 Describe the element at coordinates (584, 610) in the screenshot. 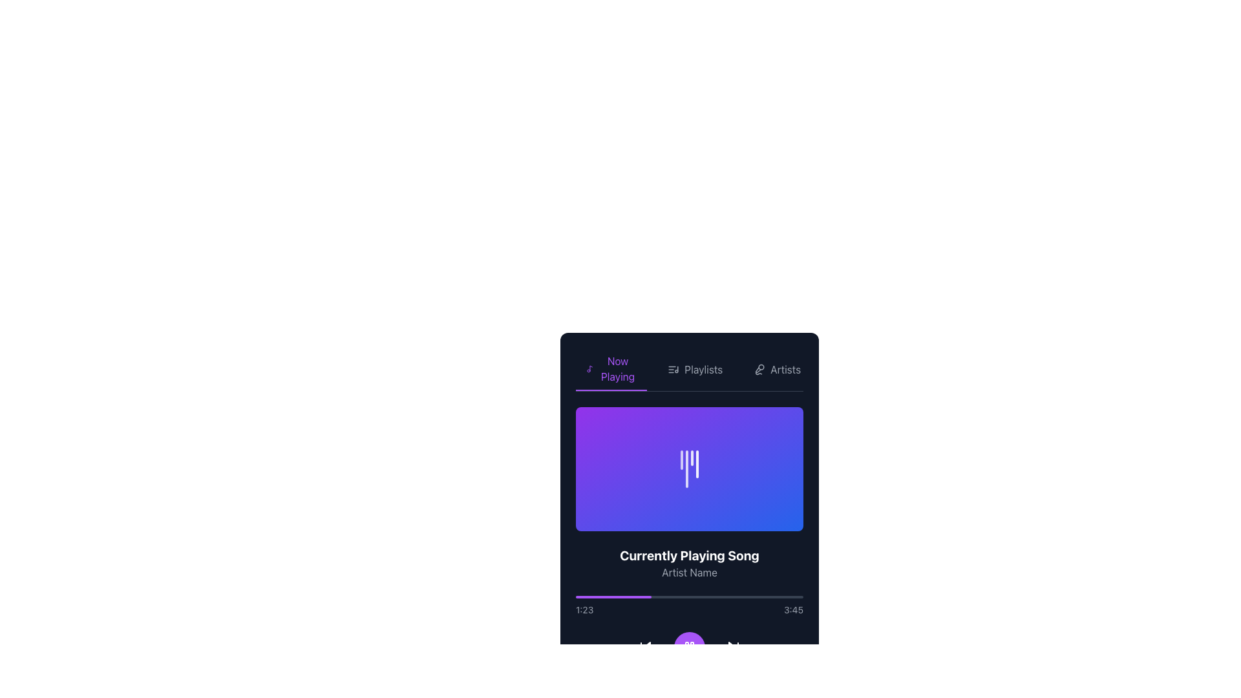

I see `time displayed in the text indicator showing '1:23', which is styled with a small, gray font and located at the bottom left of the interface` at that location.